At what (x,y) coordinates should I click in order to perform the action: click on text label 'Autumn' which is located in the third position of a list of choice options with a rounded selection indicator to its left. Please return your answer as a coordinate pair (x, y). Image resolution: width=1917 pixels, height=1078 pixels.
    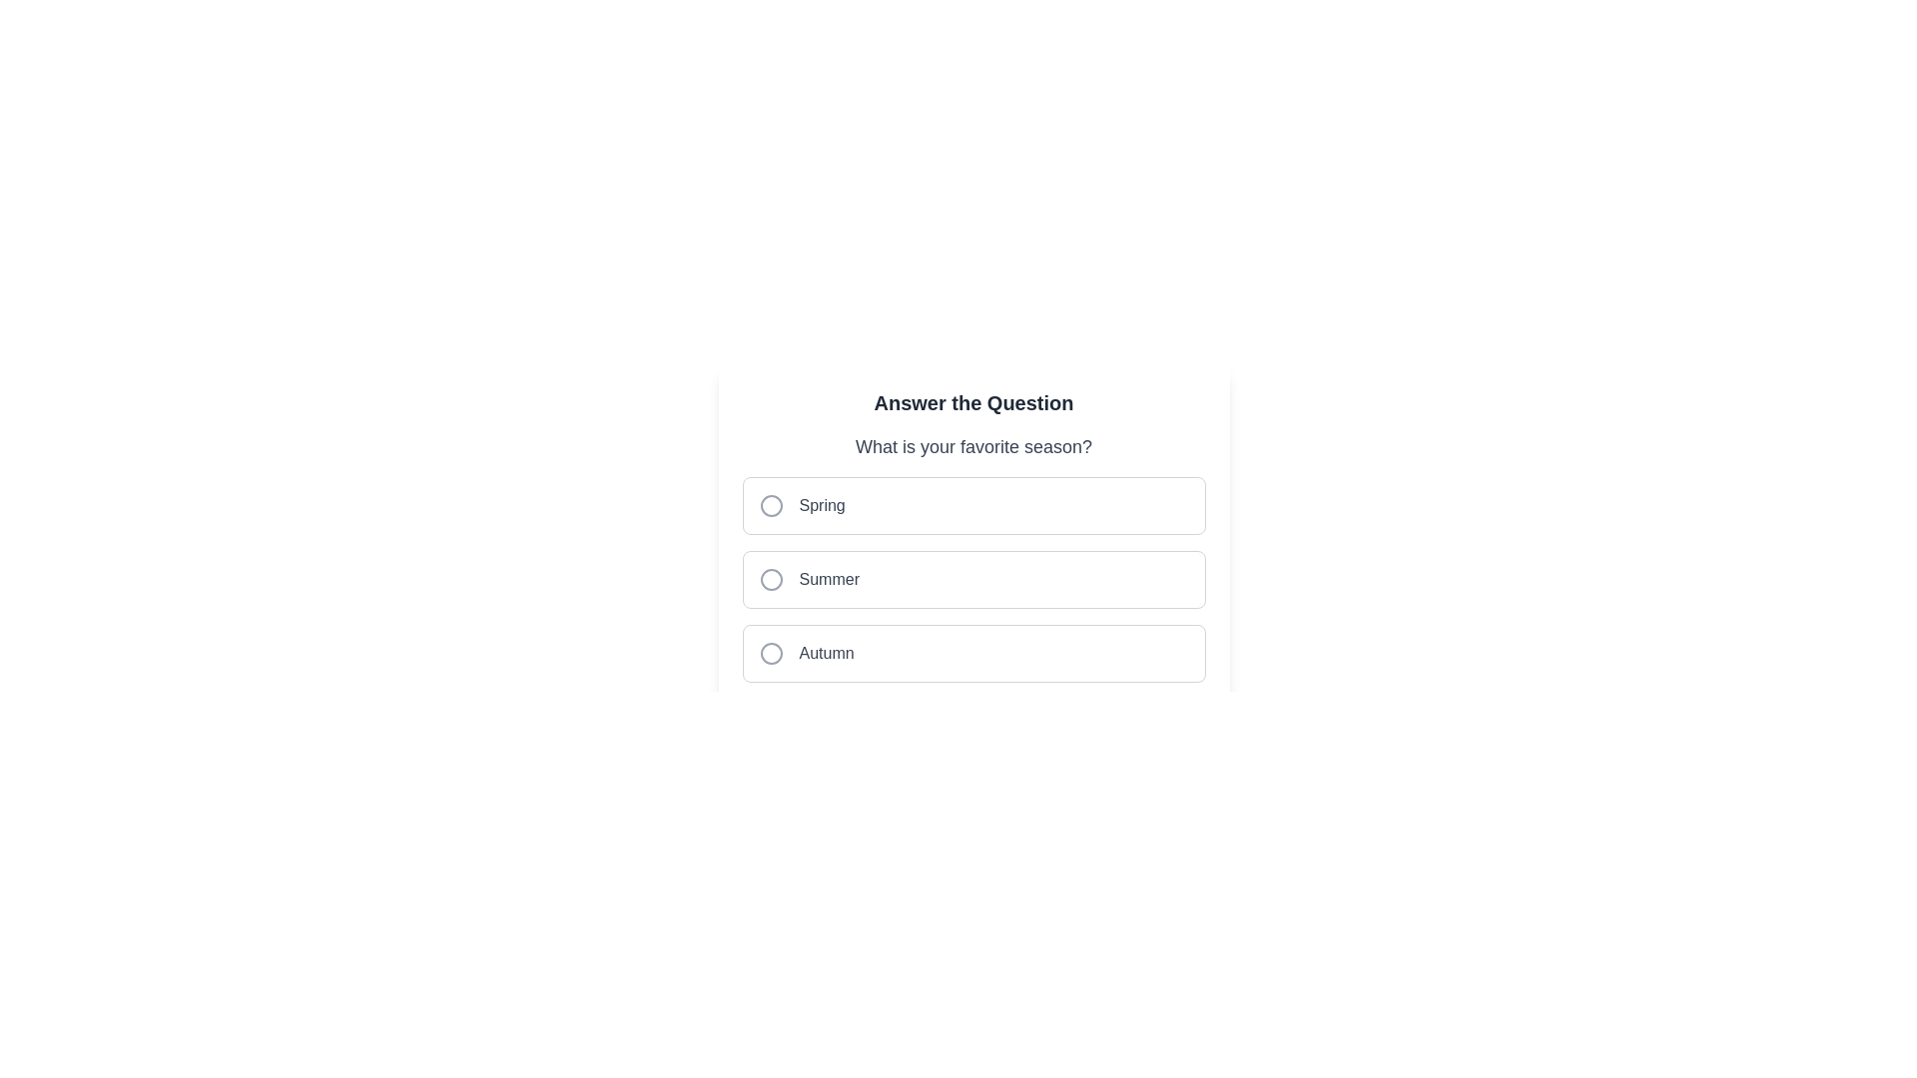
    Looking at the image, I should click on (827, 654).